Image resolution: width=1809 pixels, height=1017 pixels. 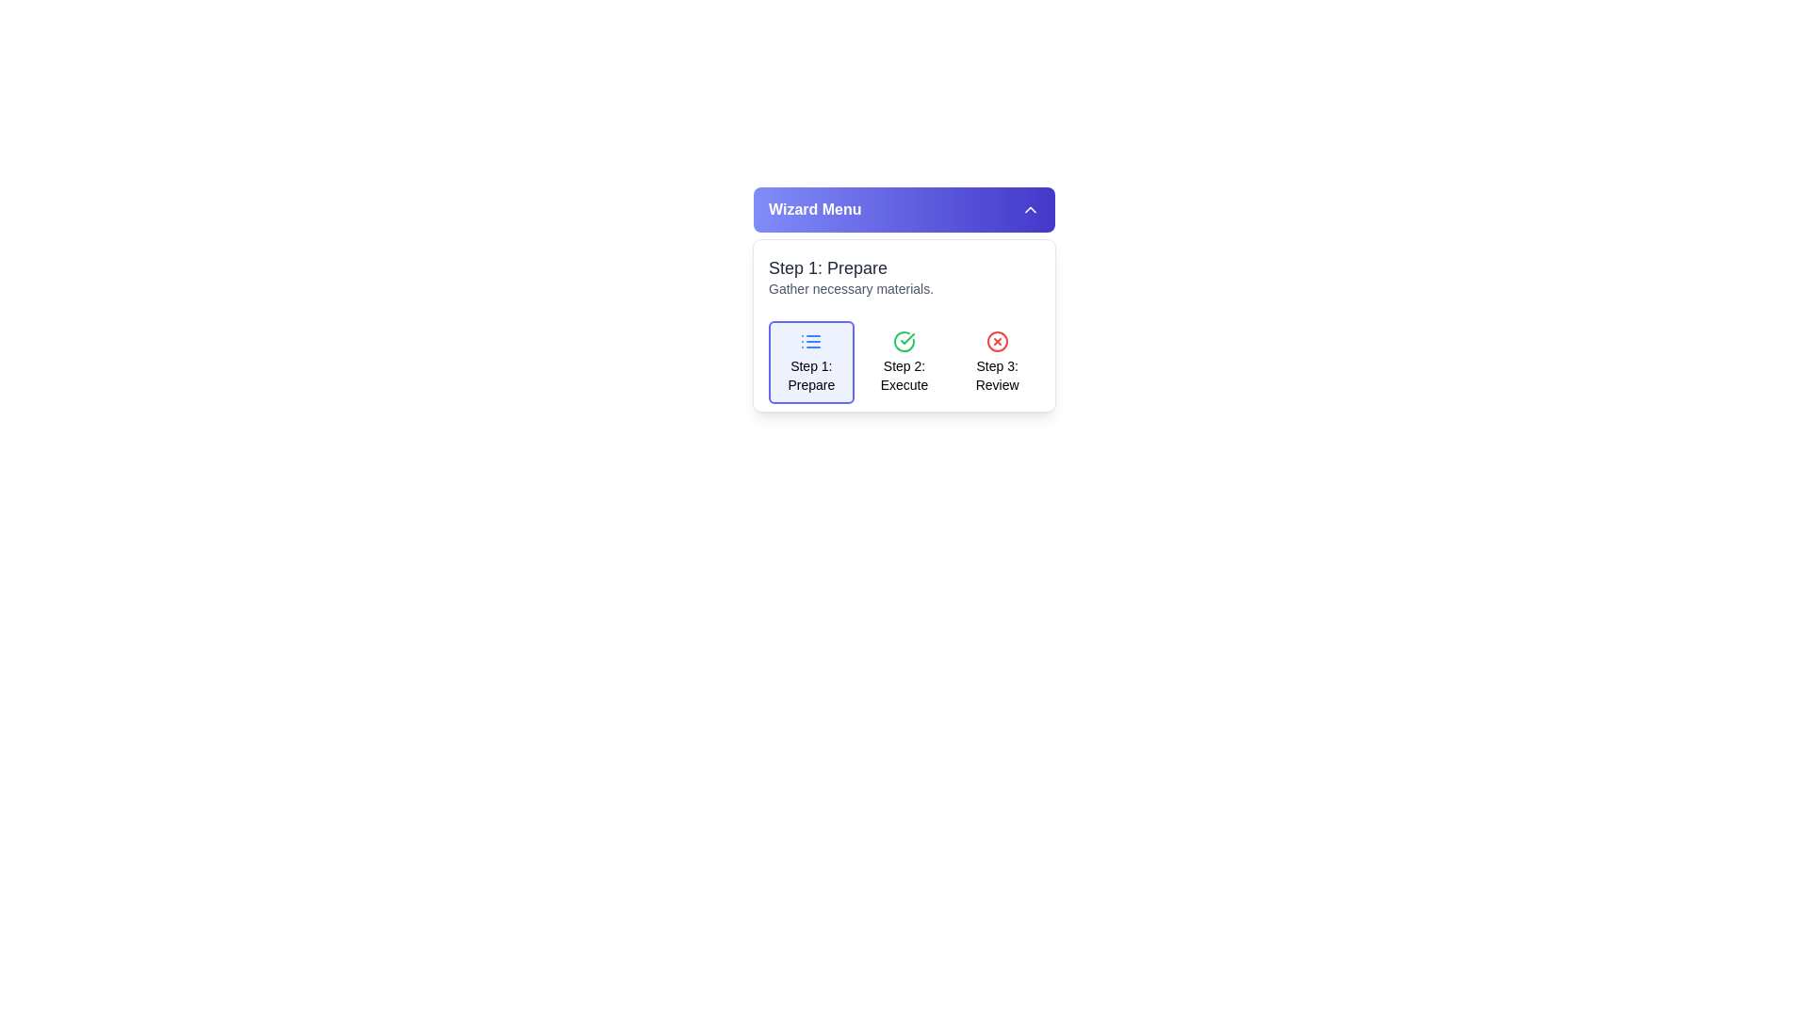 What do you see at coordinates (811, 362) in the screenshot?
I see `the interactive button labeled 'Step 1: Prepare' which has a light indigo background and indigo border, located in the first column of a three-column grid layout` at bounding box center [811, 362].